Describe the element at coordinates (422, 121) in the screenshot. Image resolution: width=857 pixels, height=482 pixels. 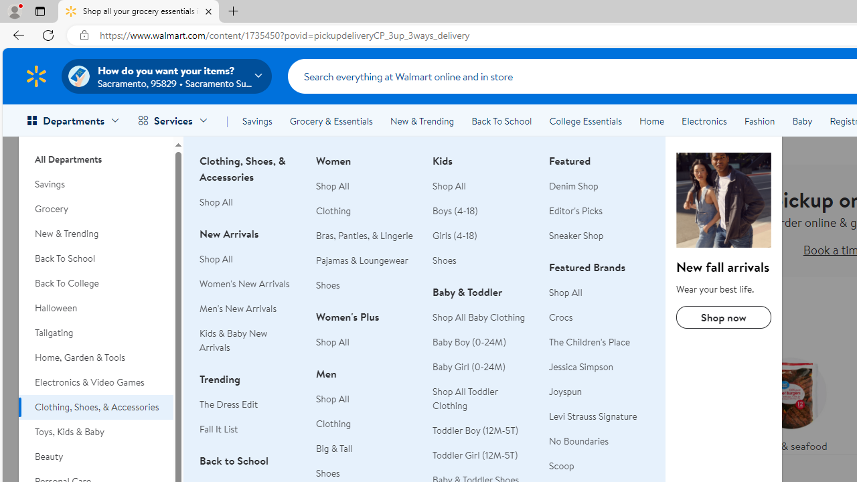
I see `'New & Trending'` at that location.